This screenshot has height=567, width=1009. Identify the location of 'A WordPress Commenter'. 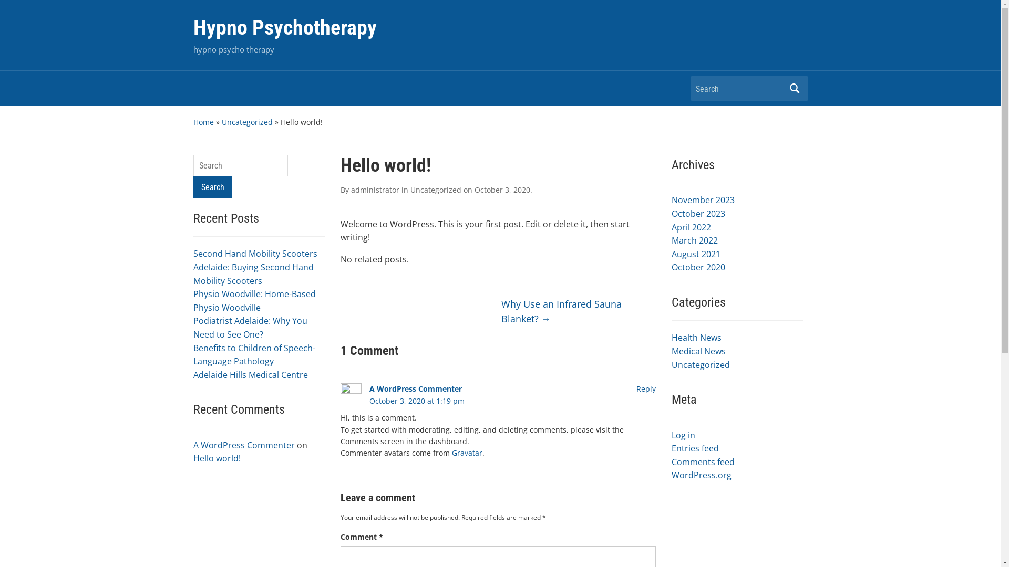
(243, 445).